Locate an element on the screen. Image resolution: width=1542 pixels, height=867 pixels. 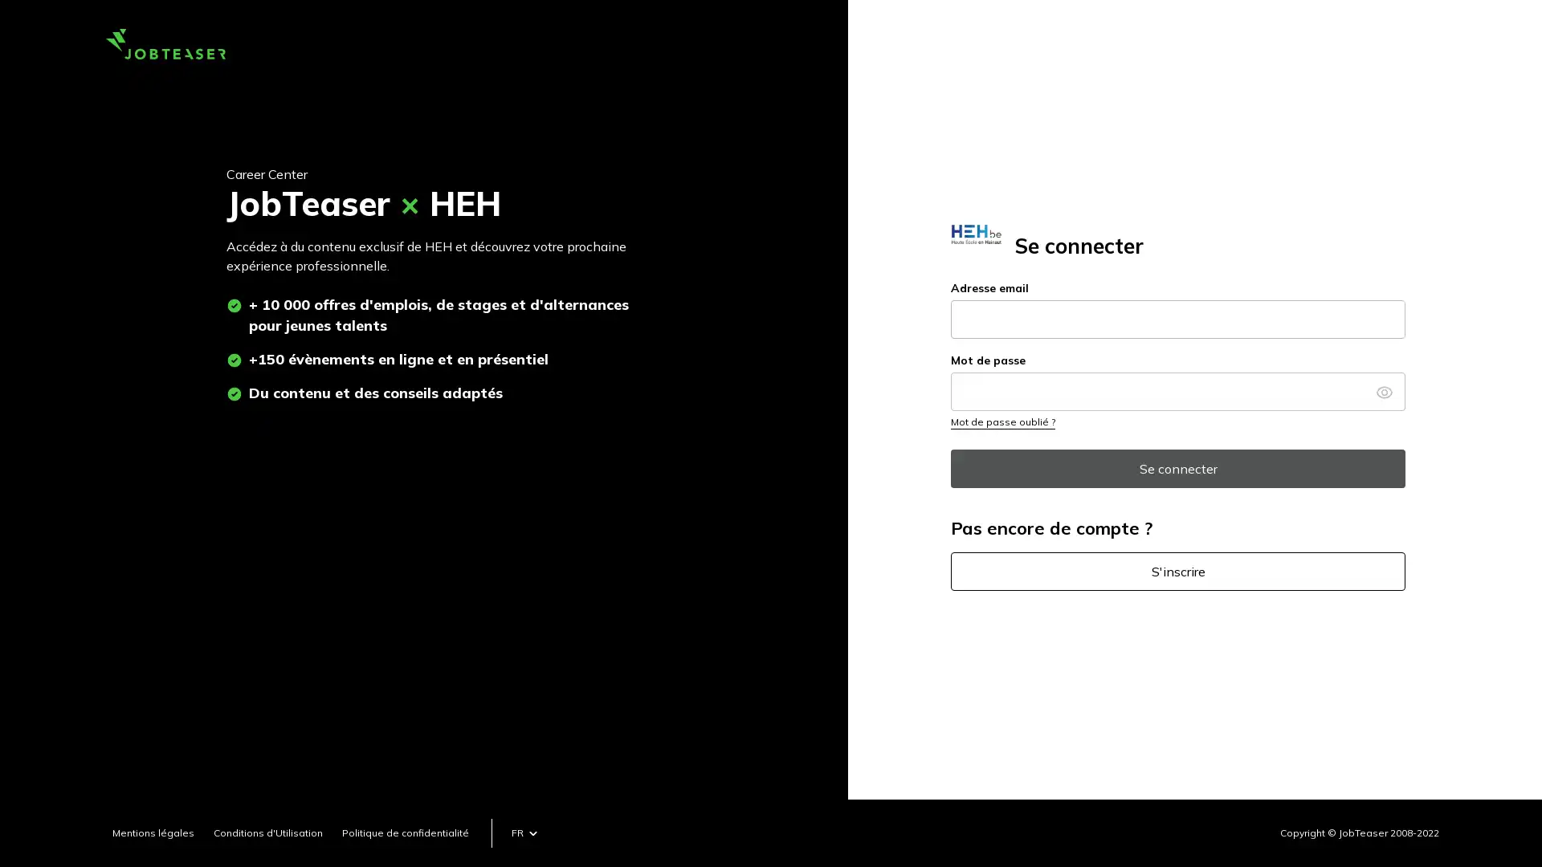
Se connecter is located at coordinates (1178, 468).